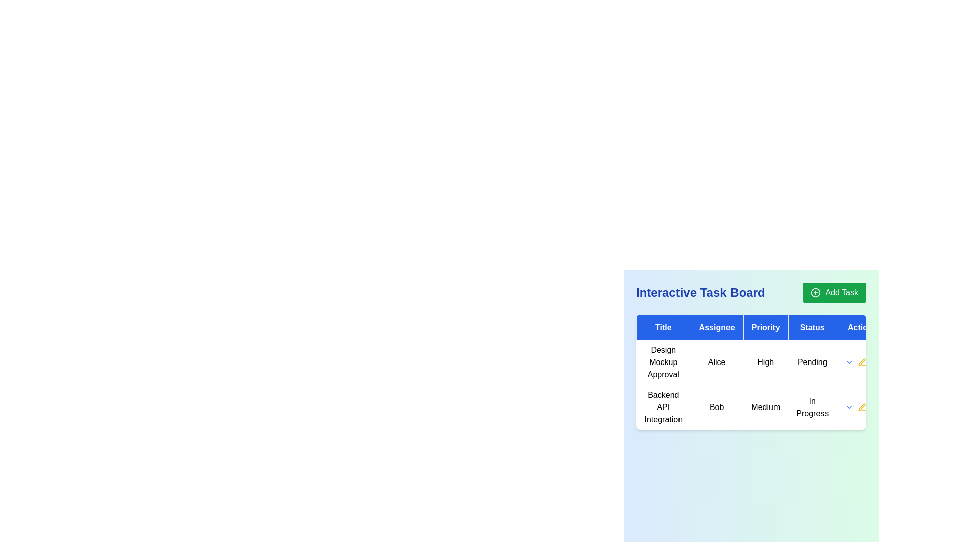  What do you see at coordinates (716, 362) in the screenshot?
I see `text label indicating 'Alice' in the second cell of the first row under the 'Assignee' column of the table` at bounding box center [716, 362].